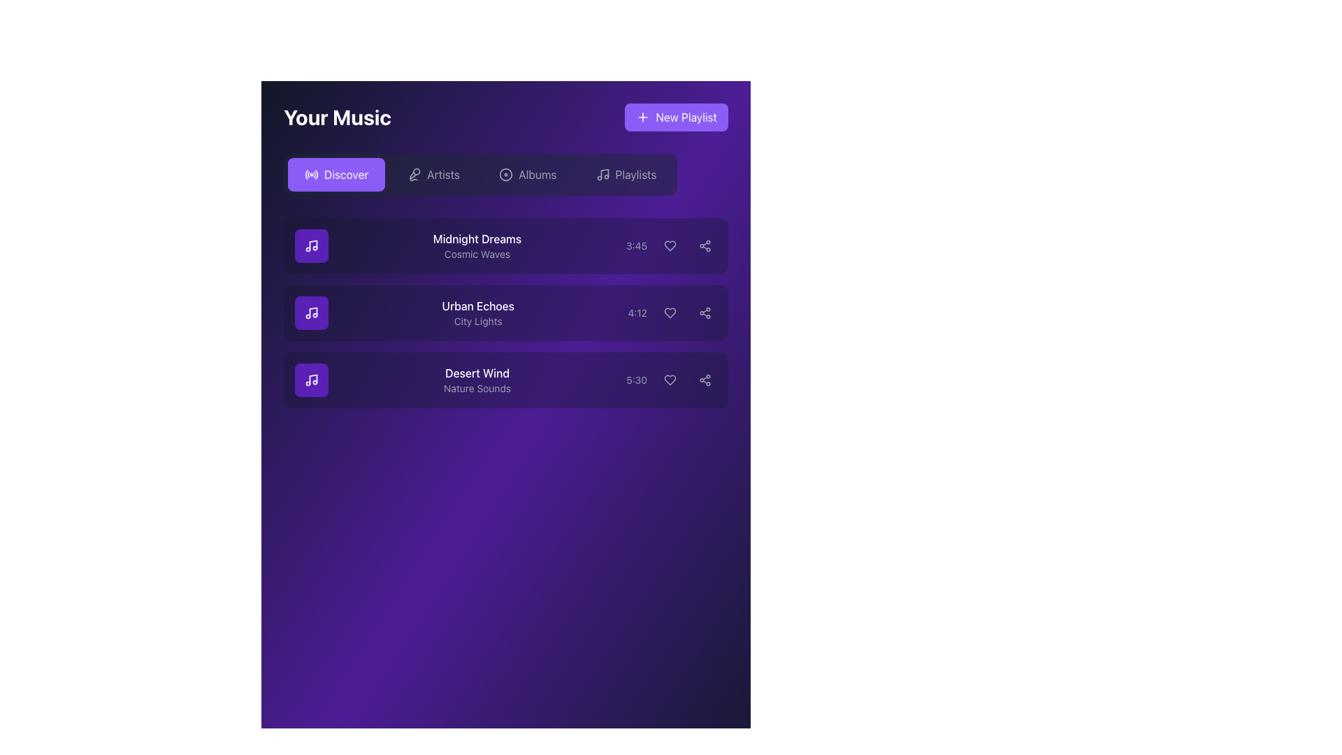  Describe the element at coordinates (705, 380) in the screenshot. I see `the sharing icon located to the rightmost side of the third track entry labeled 'Desert Wind' to initiate sharing` at that location.